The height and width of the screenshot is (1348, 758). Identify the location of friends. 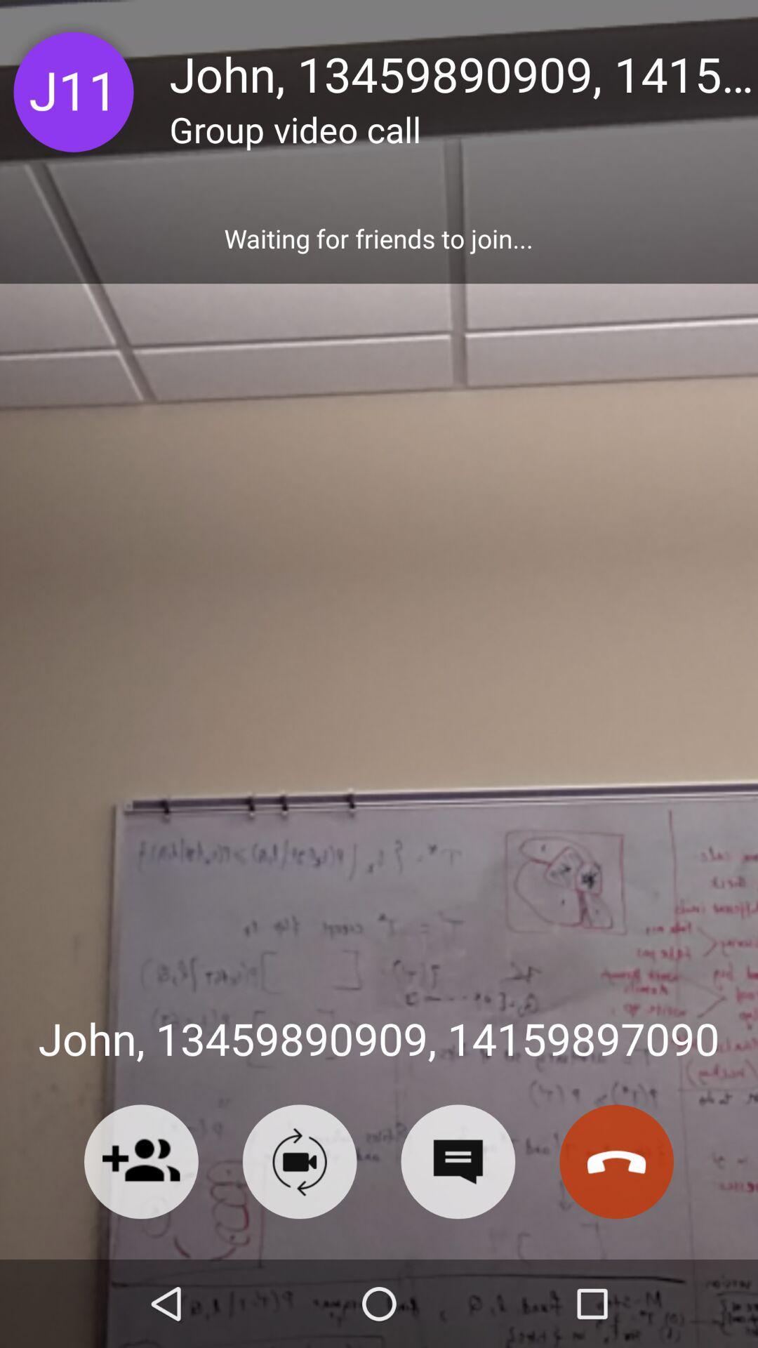
(141, 1161).